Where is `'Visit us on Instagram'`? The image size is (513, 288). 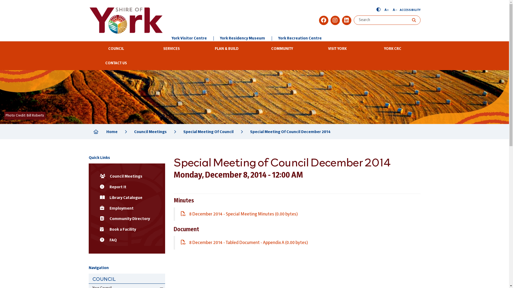
'Visit us on Instagram' is located at coordinates (330, 20).